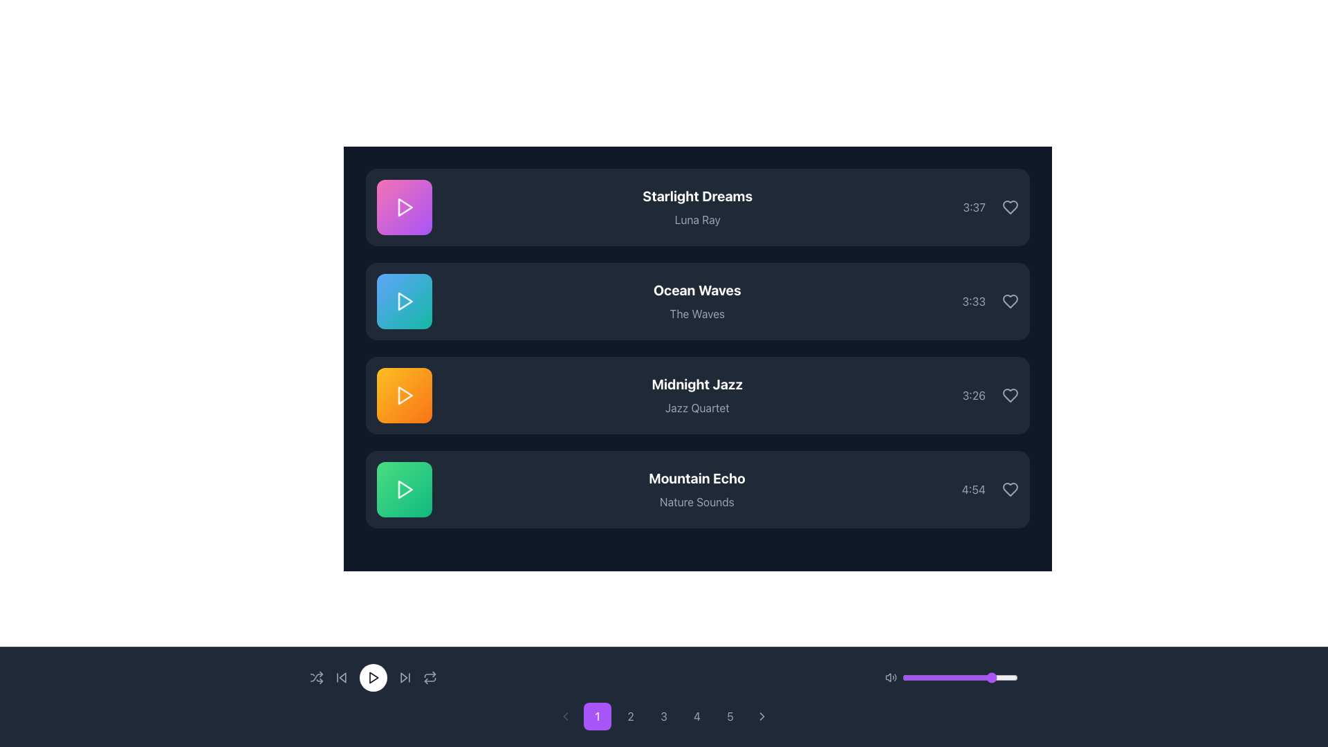  I want to click on the heart button for the music track 'Starlight Dreams', so click(1010, 207).